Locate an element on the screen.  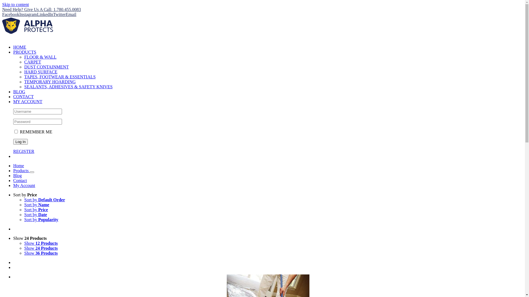
'Sort by Name' is located at coordinates (36, 205).